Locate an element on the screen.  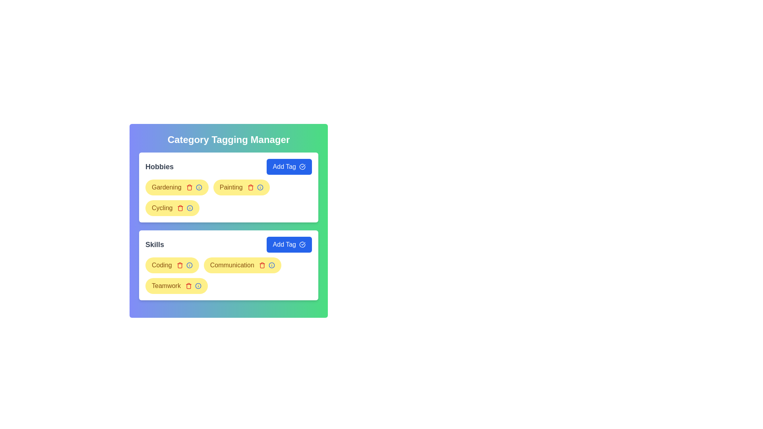
the trash icon associated with the 'Cycling' tag is located at coordinates (172, 208).